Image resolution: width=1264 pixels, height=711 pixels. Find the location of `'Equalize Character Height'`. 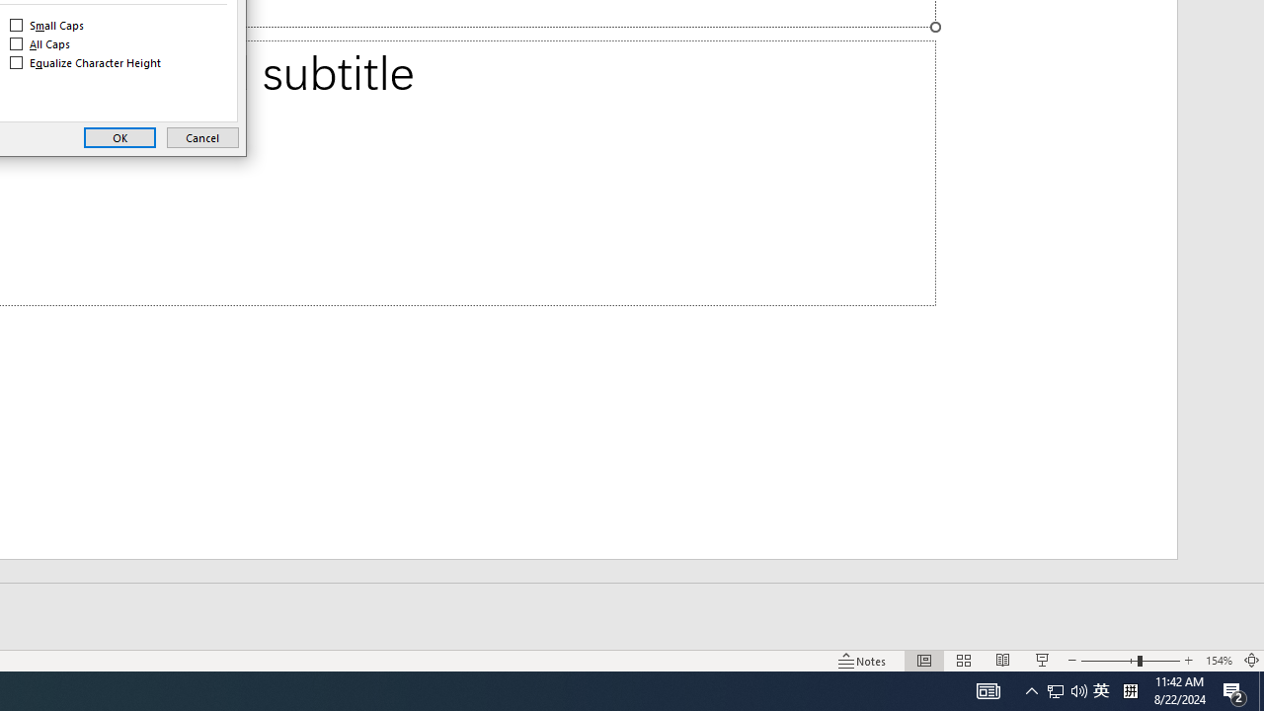

'Equalize Character Height' is located at coordinates (85, 62).